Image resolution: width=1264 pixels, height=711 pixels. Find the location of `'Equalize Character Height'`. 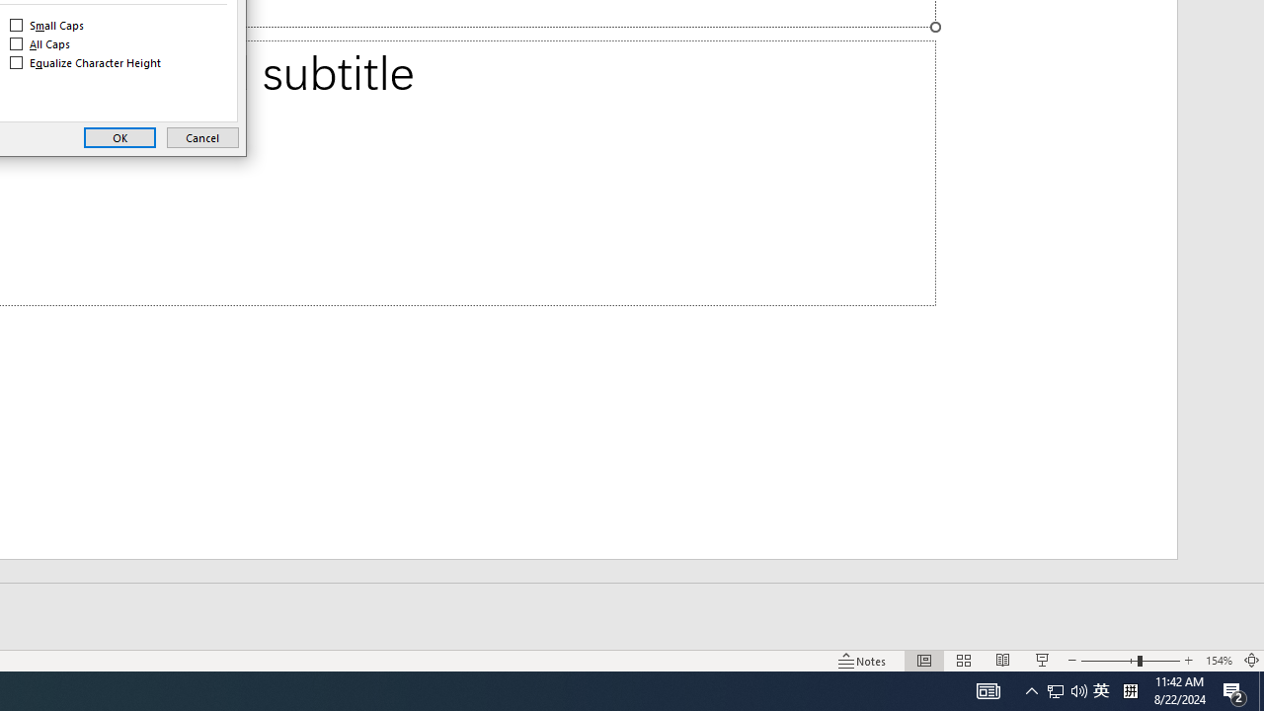

'Equalize Character Height' is located at coordinates (85, 62).